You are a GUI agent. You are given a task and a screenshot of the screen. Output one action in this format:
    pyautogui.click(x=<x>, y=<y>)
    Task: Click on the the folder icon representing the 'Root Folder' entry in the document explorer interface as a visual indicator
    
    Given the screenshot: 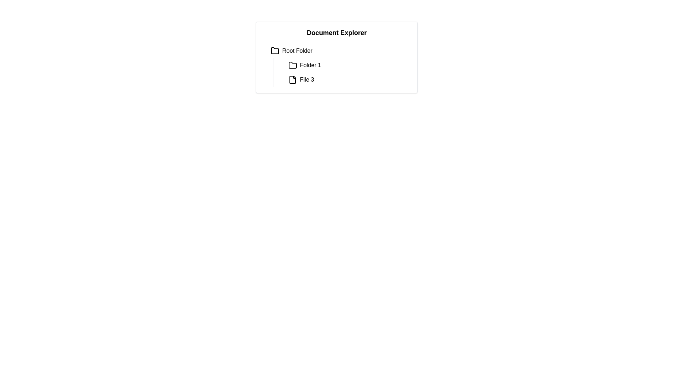 What is the action you would take?
    pyautogui.click(x=275, y=50)
    